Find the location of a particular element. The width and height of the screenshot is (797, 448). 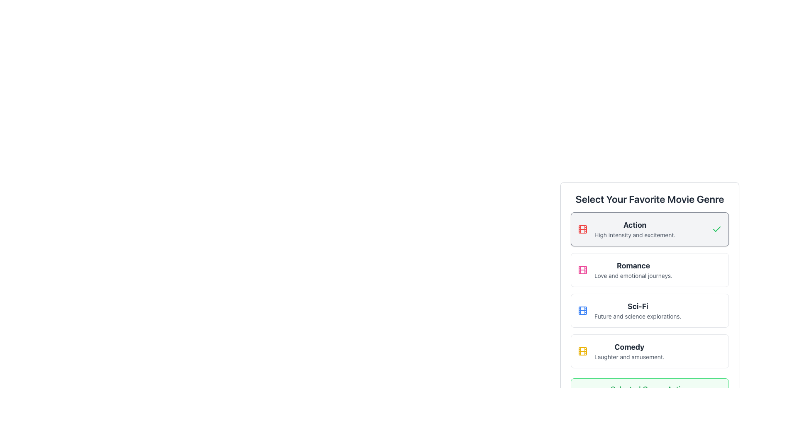

the small rectangle with rounded edges that is part of the film reel icon next to the 'Action' text in the genre selection menu is located at coordinates (582, 229).